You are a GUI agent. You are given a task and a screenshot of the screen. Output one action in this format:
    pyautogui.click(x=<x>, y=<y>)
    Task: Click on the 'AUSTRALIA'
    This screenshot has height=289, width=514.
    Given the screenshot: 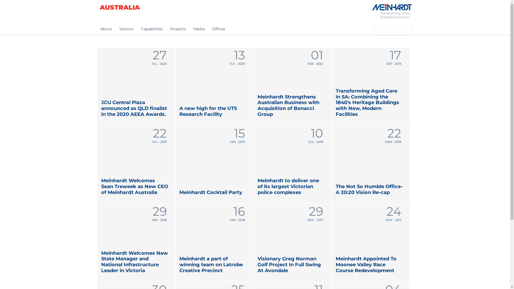 What is the action you would take?
    pyautogui.click(x=119, y=7)
    